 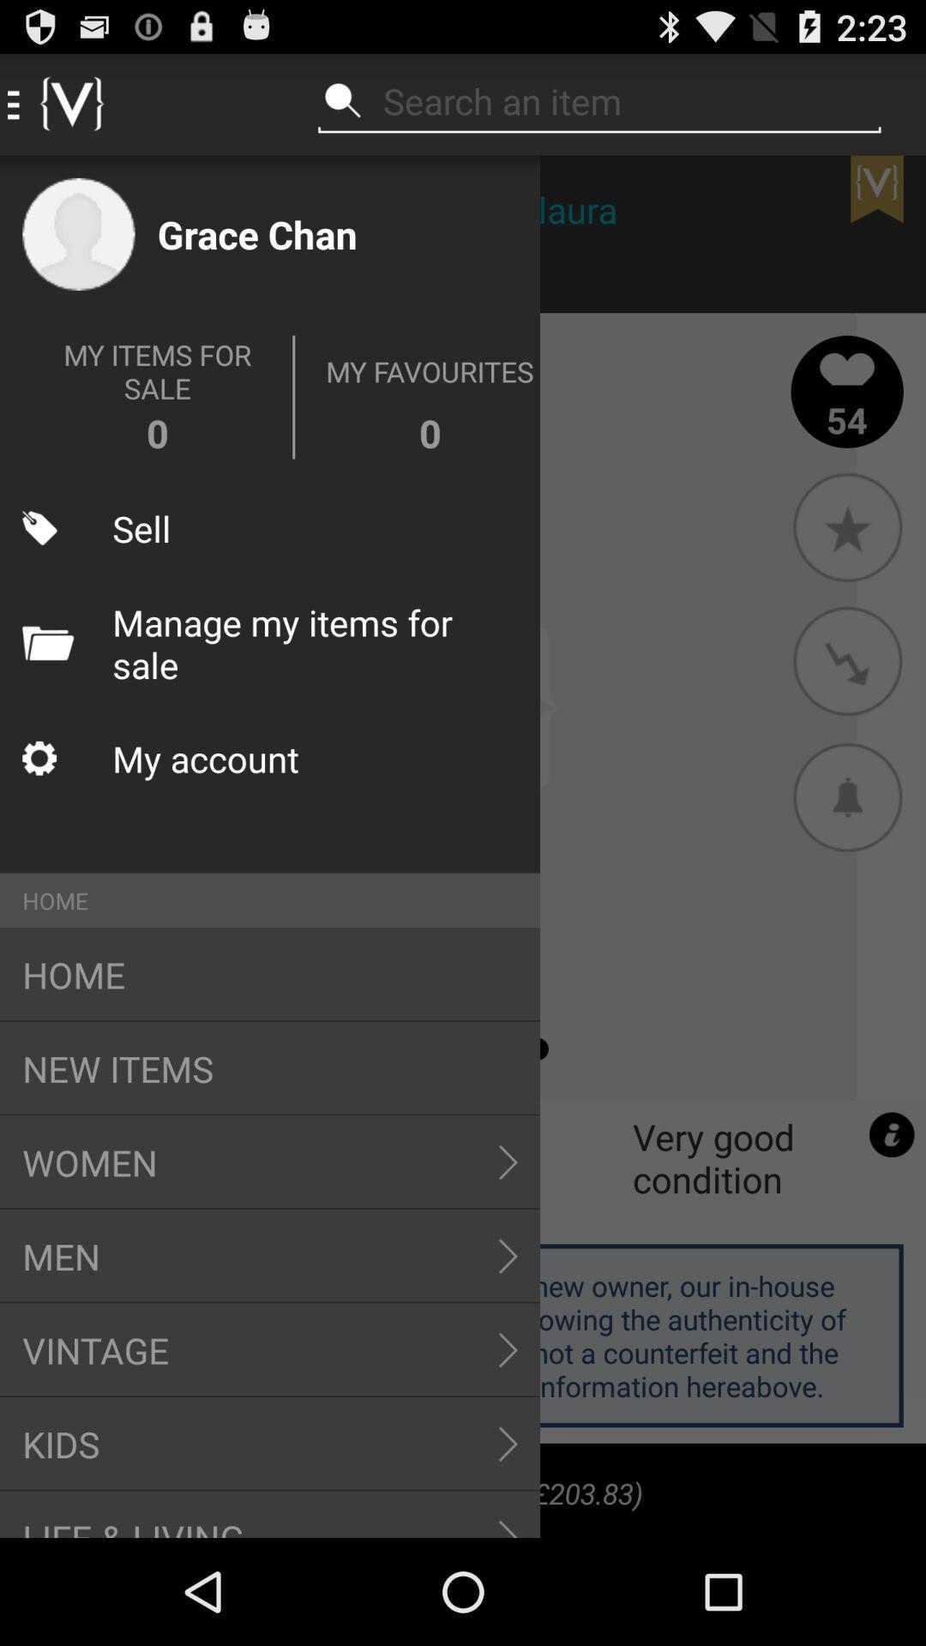 I want to click on the avatar icon, so click(x=78, y=249).